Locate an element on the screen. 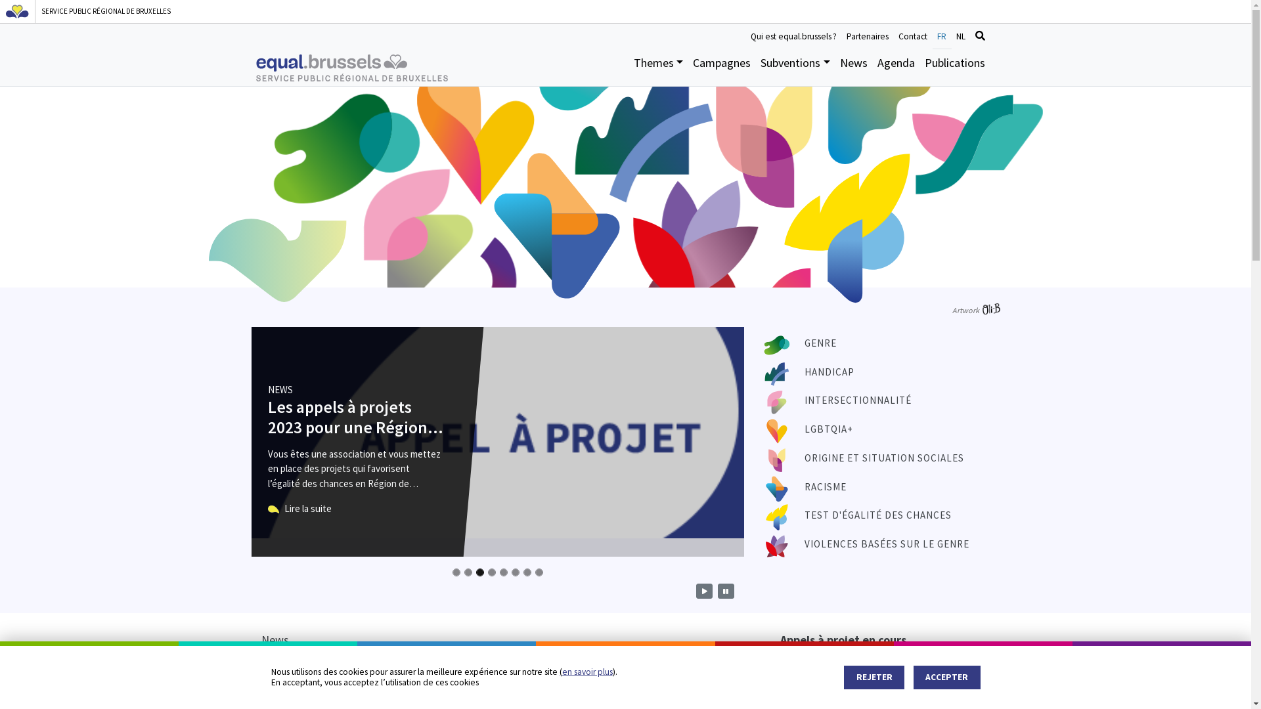  'Partenaires' is located at coordinates (868, 35).